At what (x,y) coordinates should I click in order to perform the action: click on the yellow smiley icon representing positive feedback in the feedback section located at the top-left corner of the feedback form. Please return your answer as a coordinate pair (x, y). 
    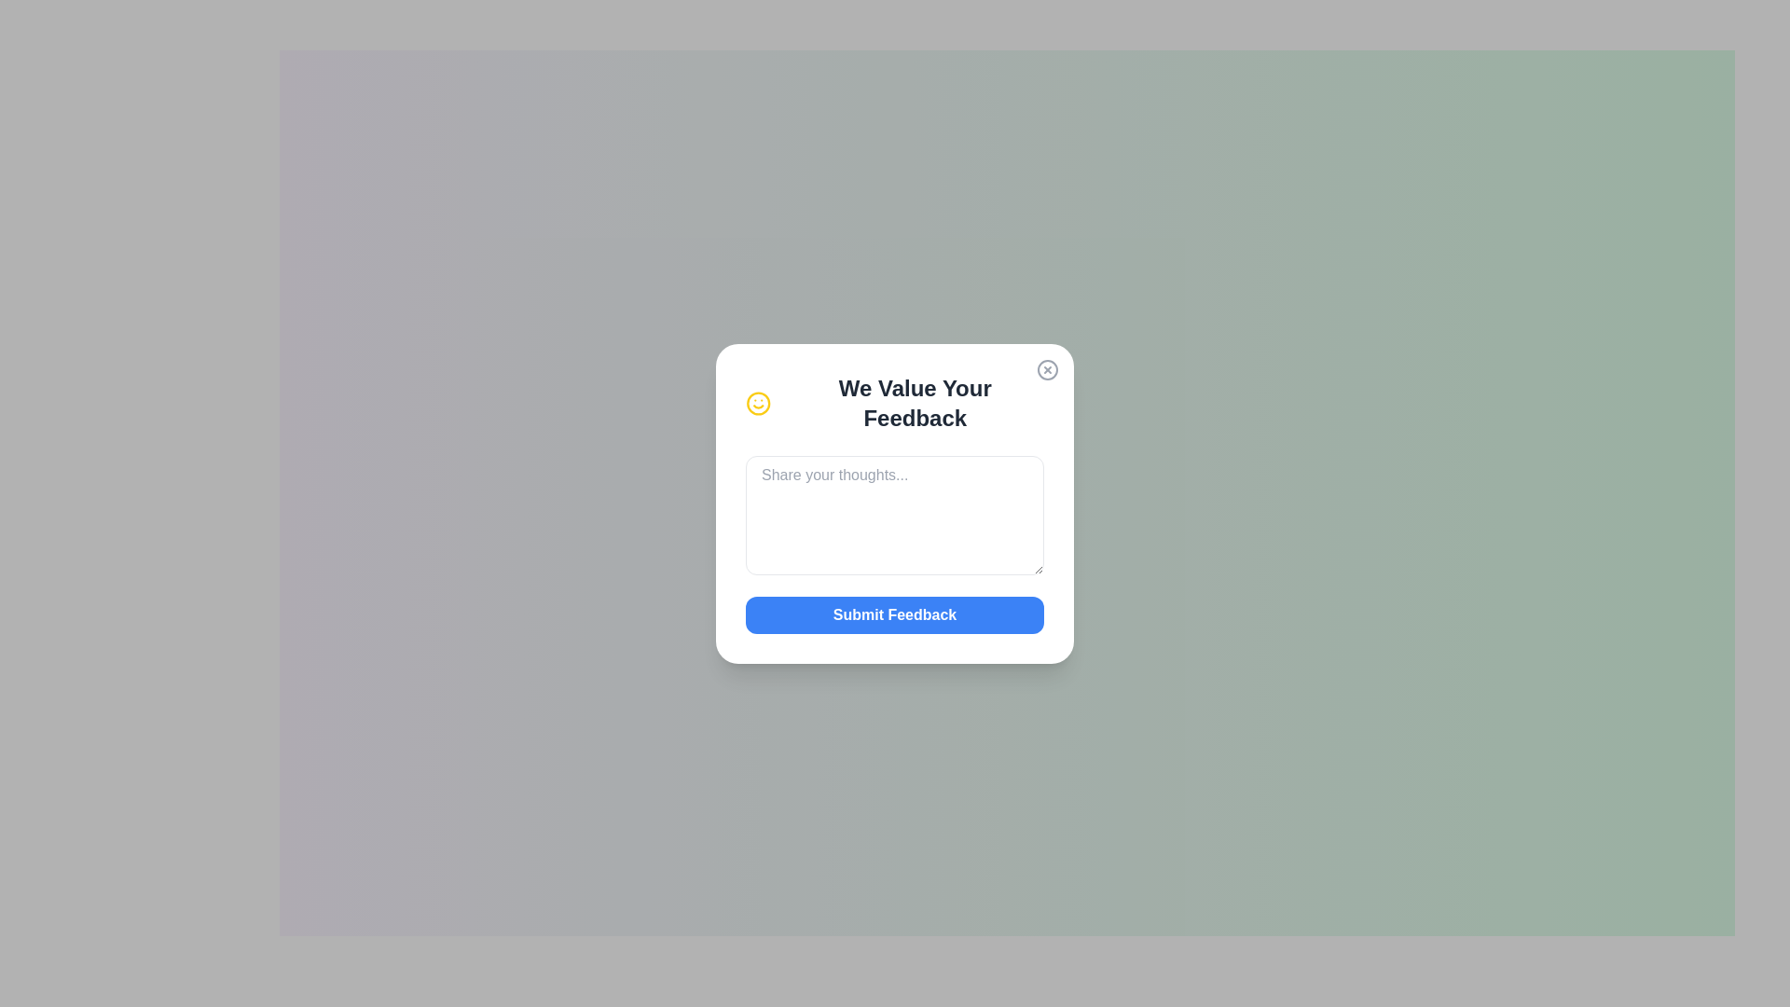
    Looking at the image, I should click on (758, 402).